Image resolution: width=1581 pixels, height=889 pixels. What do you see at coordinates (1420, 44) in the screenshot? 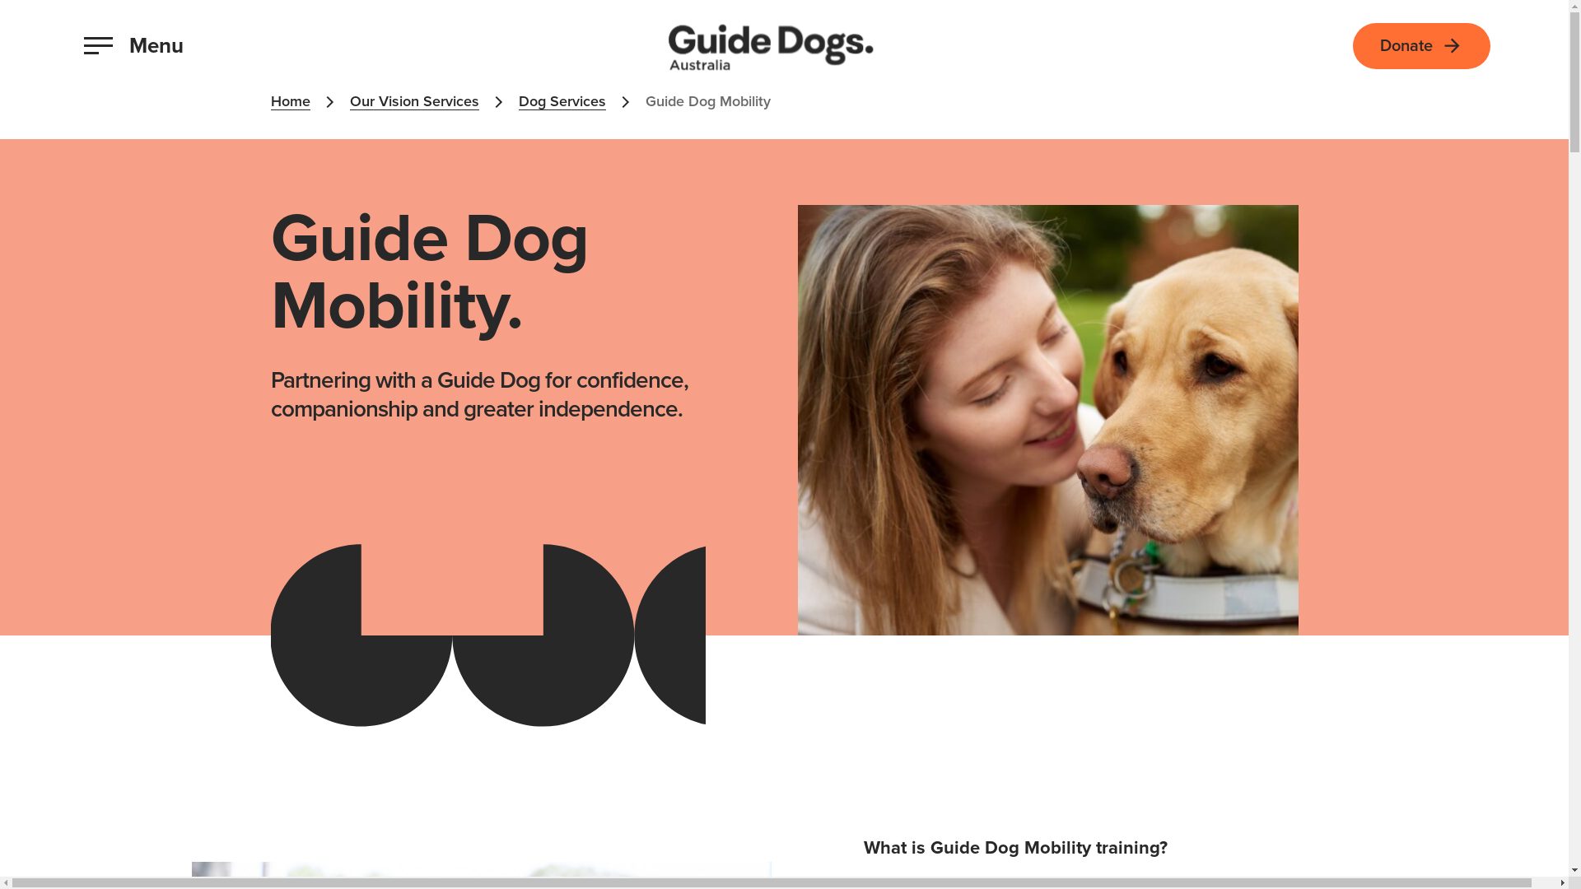
I see `'Donate'` at bounding box center [1420, 44].